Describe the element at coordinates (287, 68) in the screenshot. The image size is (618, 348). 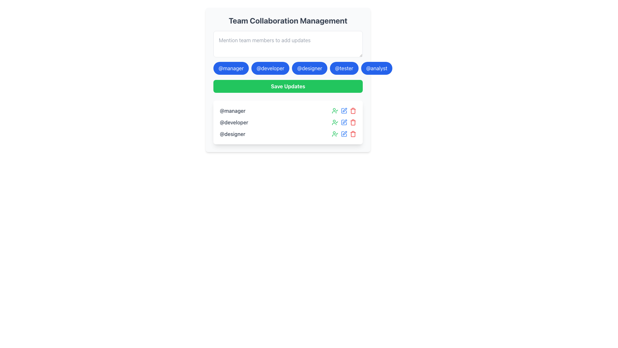
I see `the blue button-like chip labeled '@developer' located below the text input field and above the 'Save Updates' button` at that location.